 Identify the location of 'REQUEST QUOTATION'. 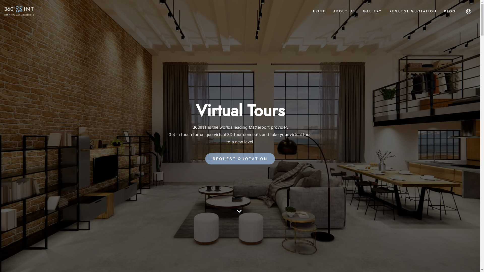
(413, 11).